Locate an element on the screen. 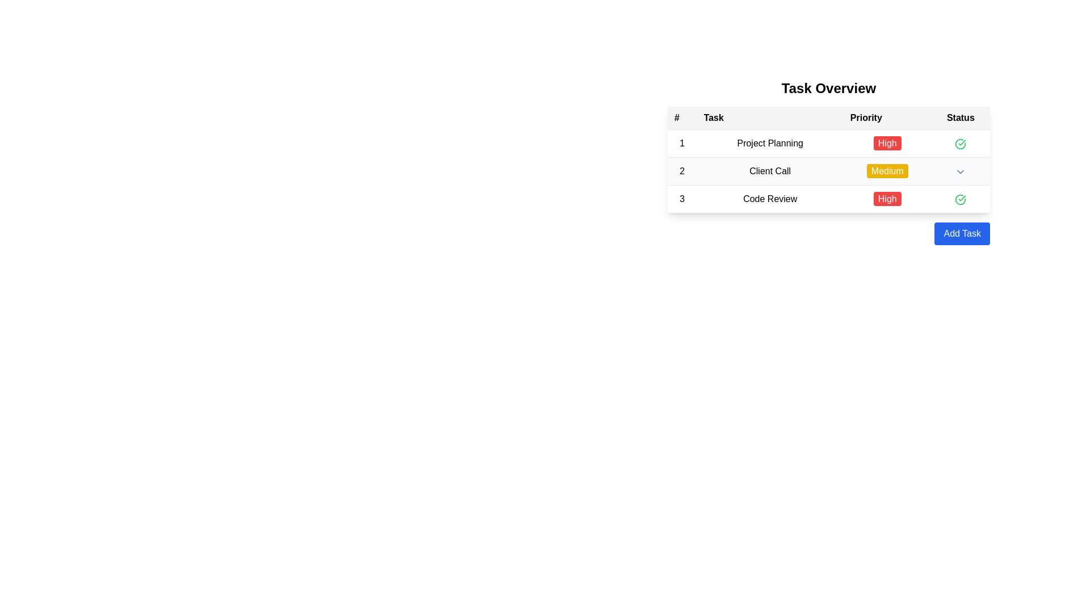 The height and width of the screenshot is (613, 1090). the chevron-down icon in gray color is located at coordinates (960, 171).